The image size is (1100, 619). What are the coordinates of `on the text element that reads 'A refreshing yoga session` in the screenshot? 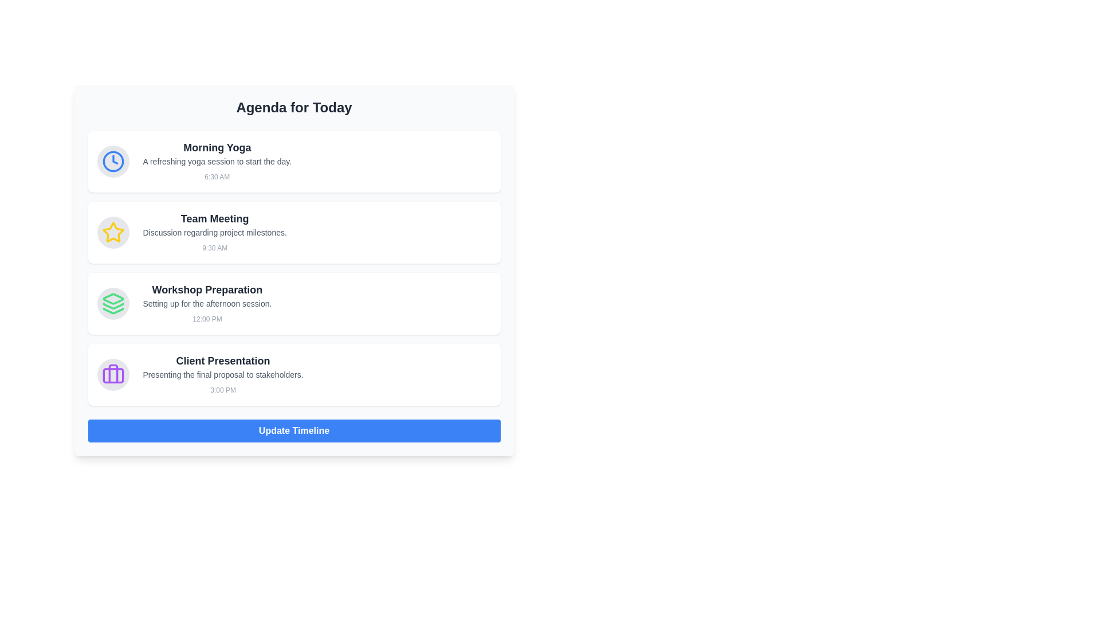 It's located at (217, 161).